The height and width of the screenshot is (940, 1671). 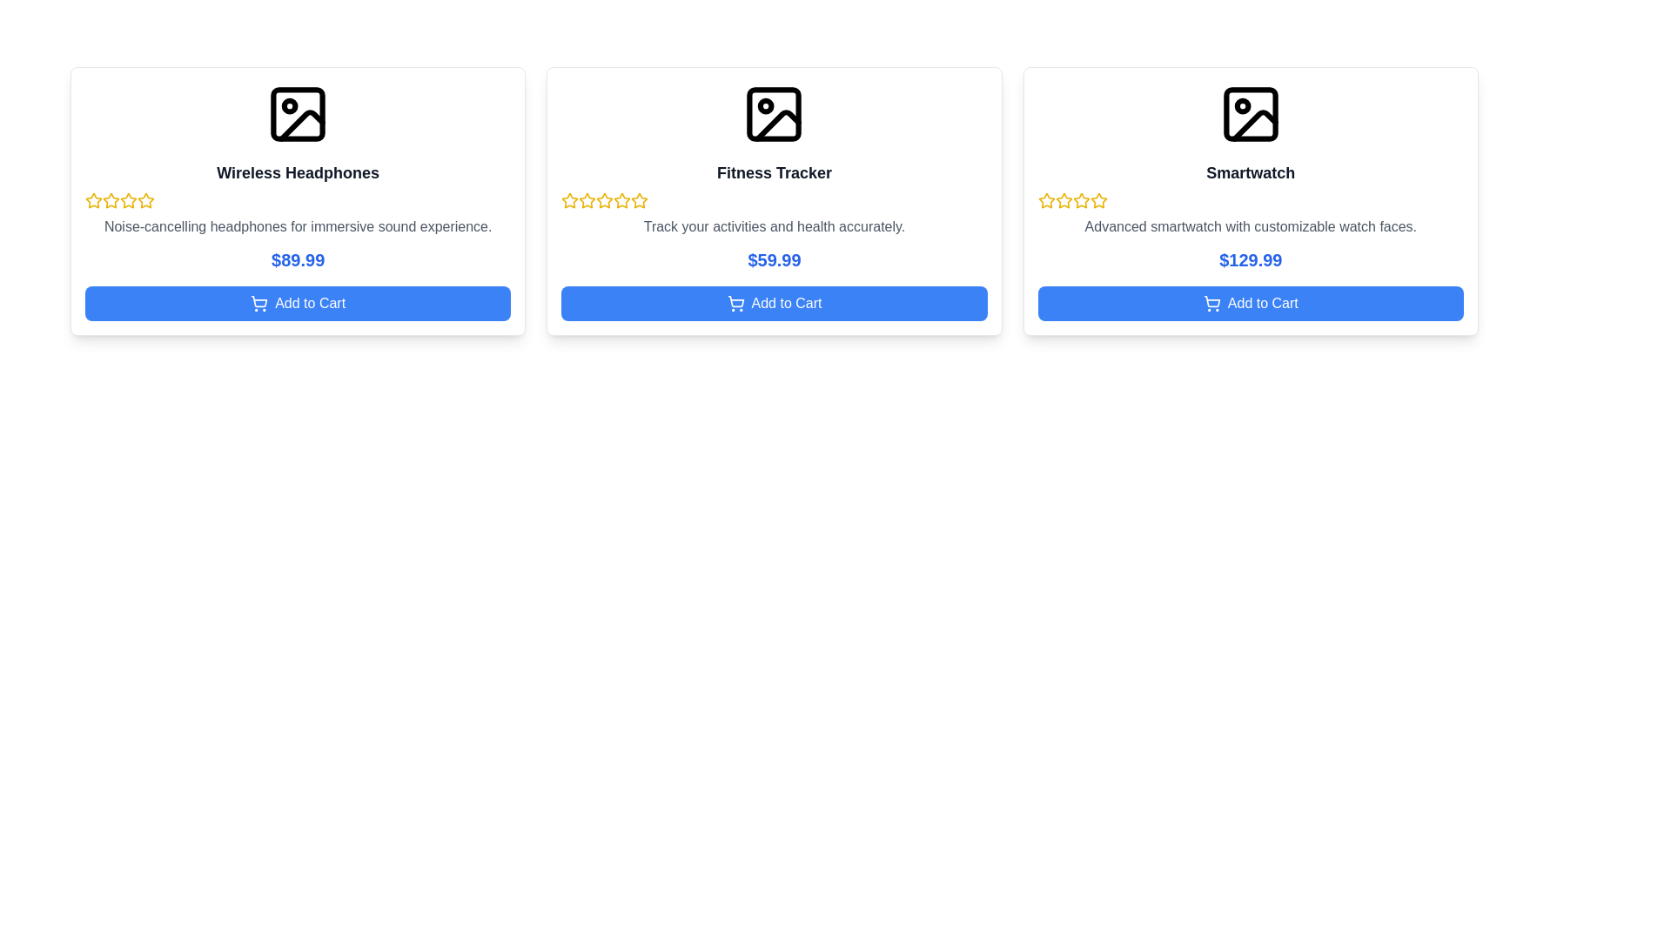 I want to click on the first rating star icon for the Smartwatch product, which is part of a horizontal sequence of five stars used to assess the product's rating, so click(x=1045, y=199).